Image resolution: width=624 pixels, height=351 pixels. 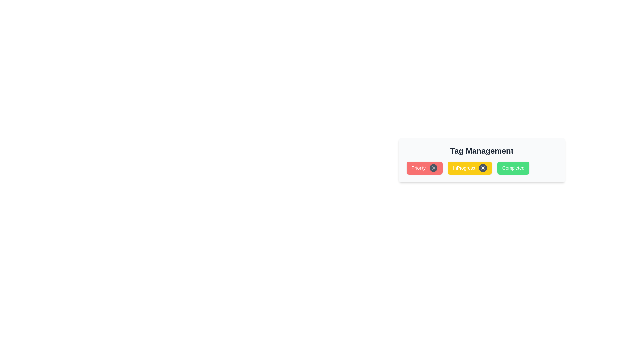 What do you see at coordinates (513, 167) in the screenshot?
I see `the tag Completed` at bounding box center [513, 167].